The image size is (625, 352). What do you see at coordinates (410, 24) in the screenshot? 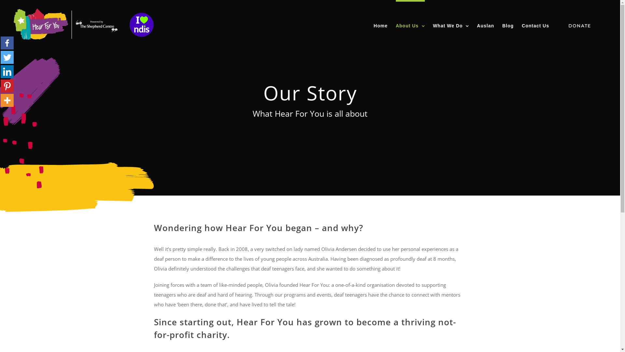
I see `'About Us'` at bounding box center [410, 24].